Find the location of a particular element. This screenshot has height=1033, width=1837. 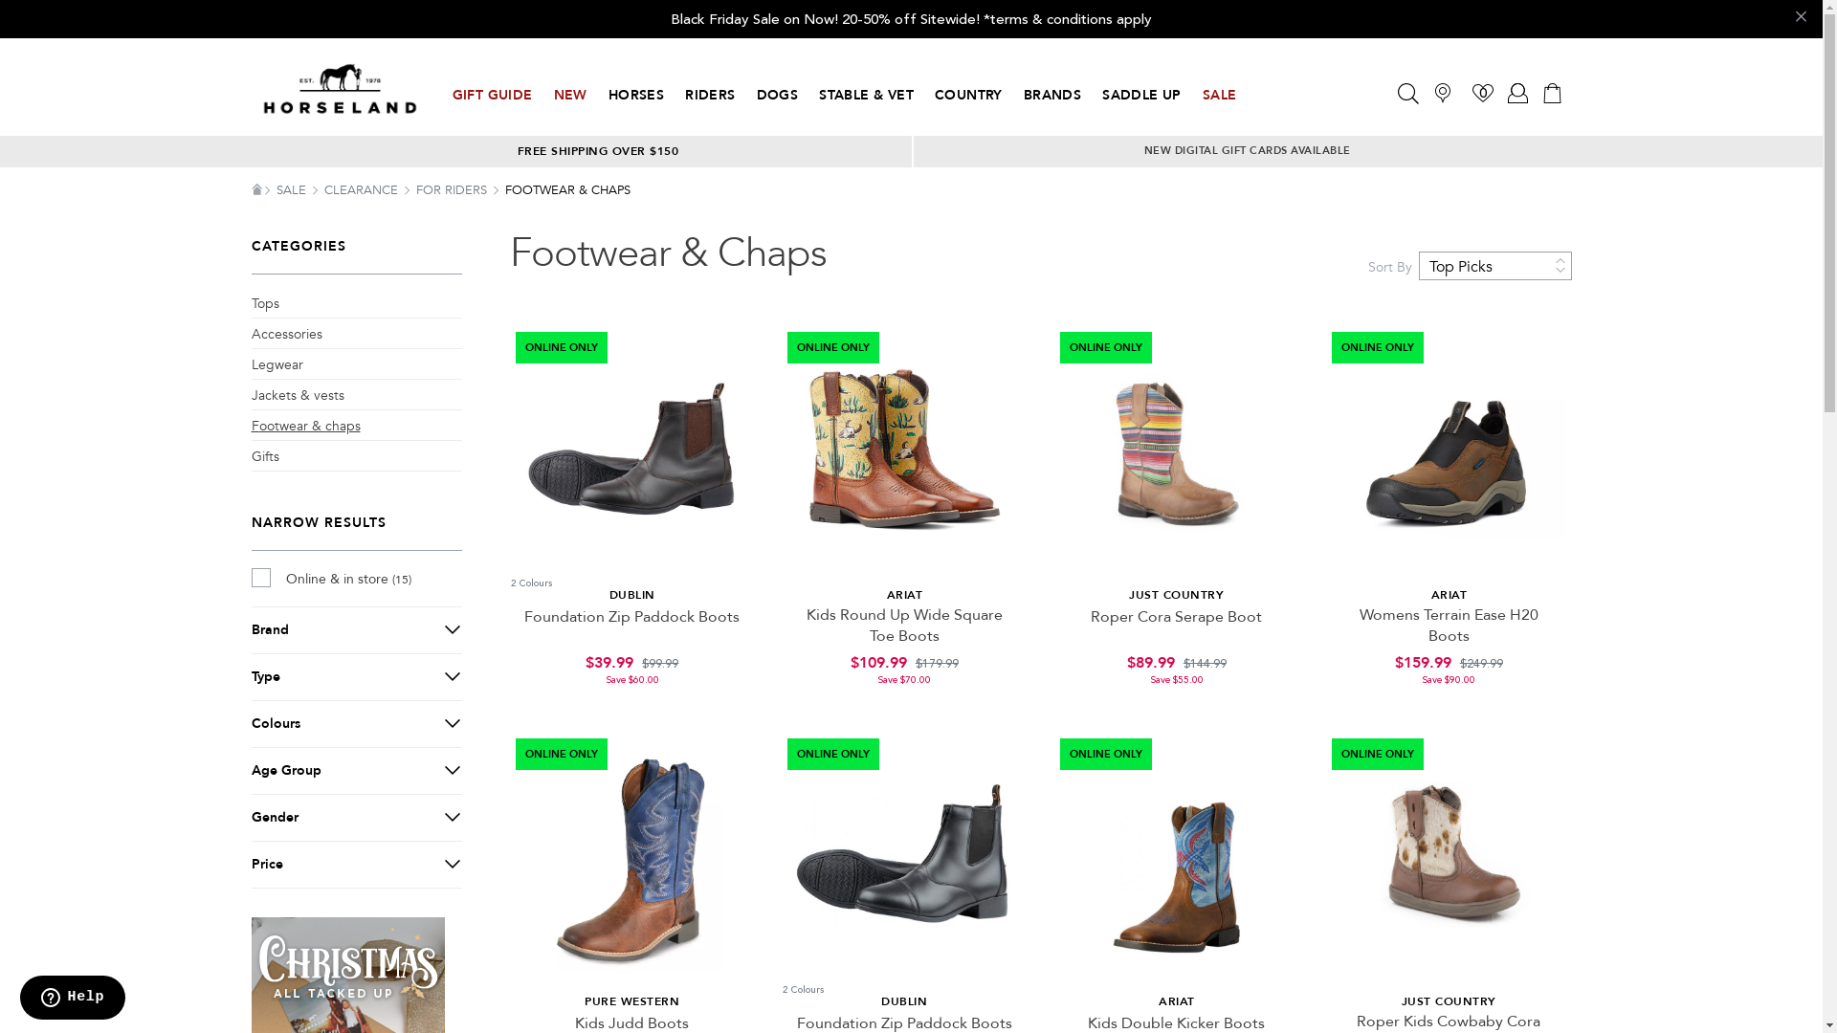

'Footwear & chaps' is located at coordinates (303, 426).